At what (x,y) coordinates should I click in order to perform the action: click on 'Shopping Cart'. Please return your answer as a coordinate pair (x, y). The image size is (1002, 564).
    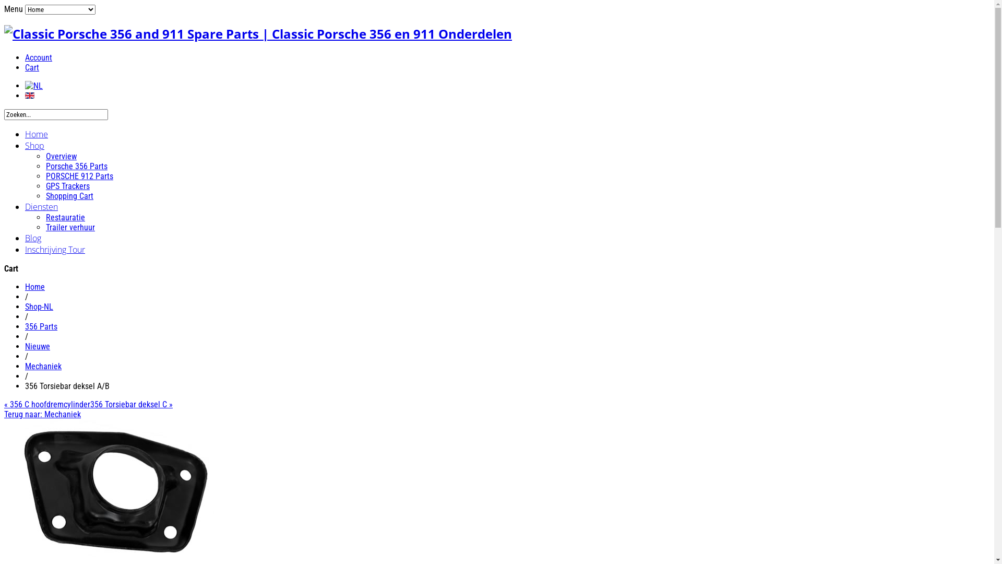
    Looking at the image, I should click on (45, 196).